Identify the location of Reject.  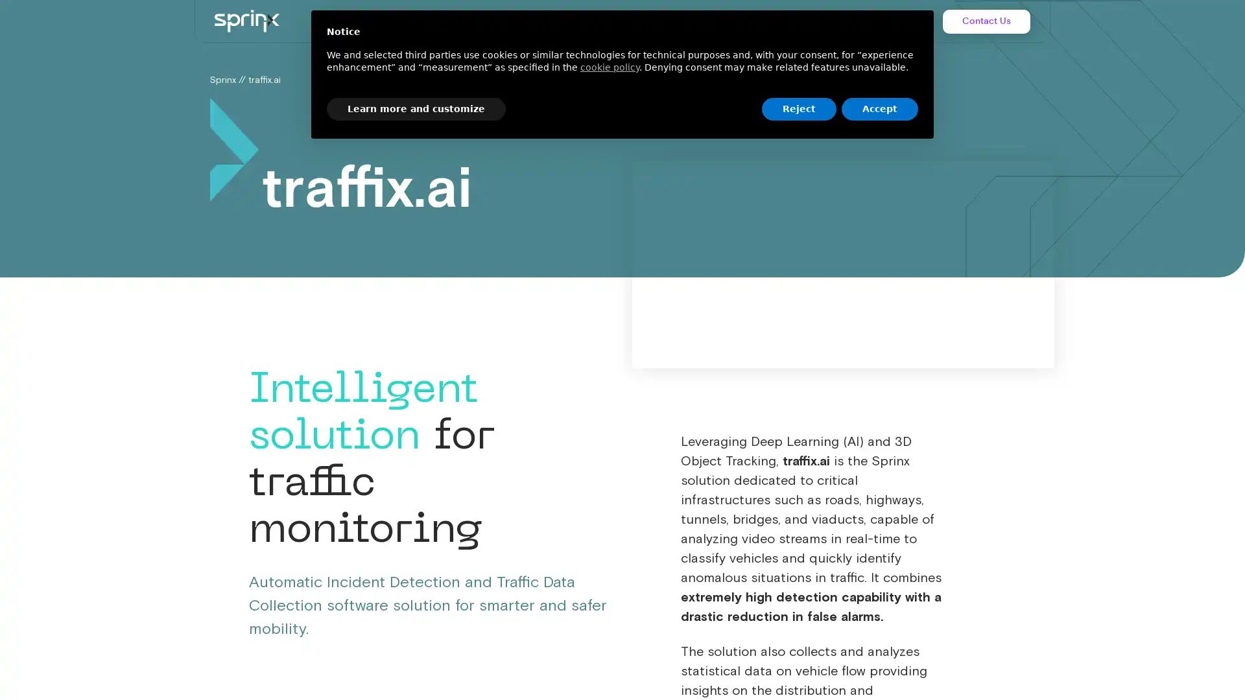
(798, 108).